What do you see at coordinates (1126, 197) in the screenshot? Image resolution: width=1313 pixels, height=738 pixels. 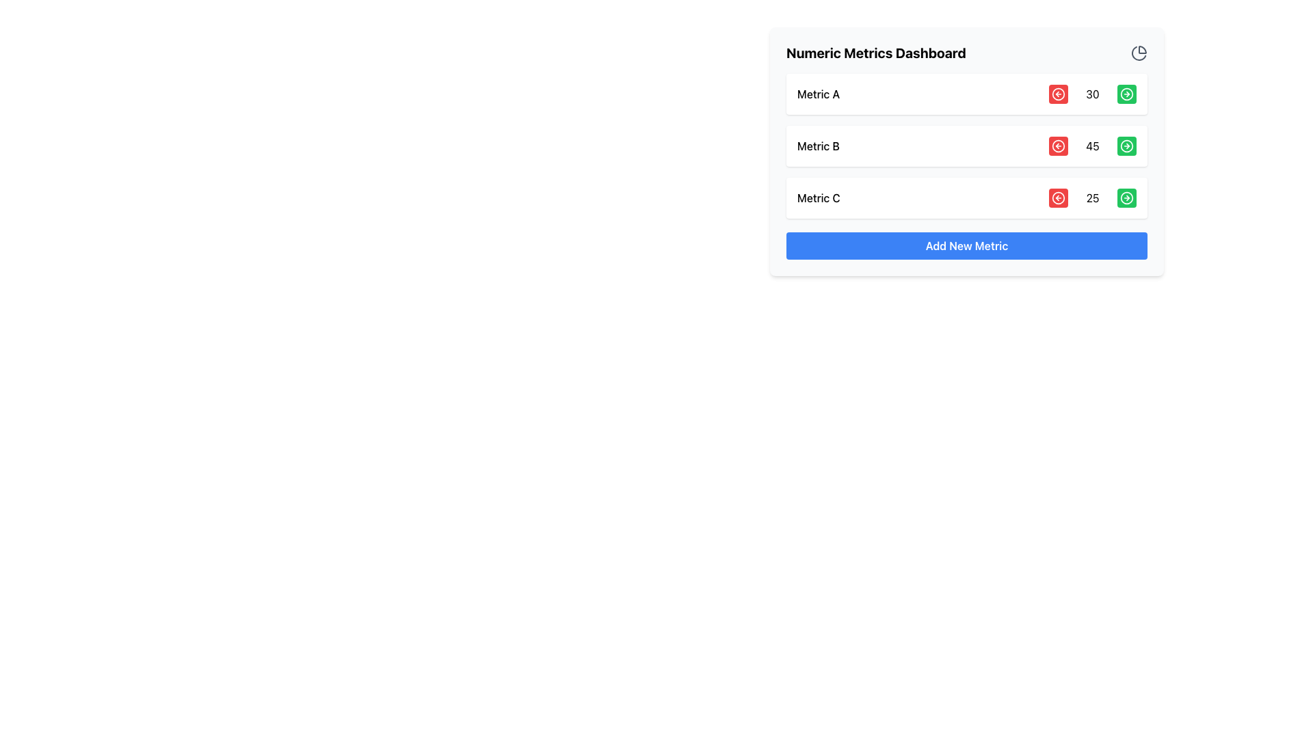 I see `the confirm button located to the far right of the '25' metric value in the third row of the numeric metrics dashboard panel to trigger the hover effect` at bounding box center [1126, 197].